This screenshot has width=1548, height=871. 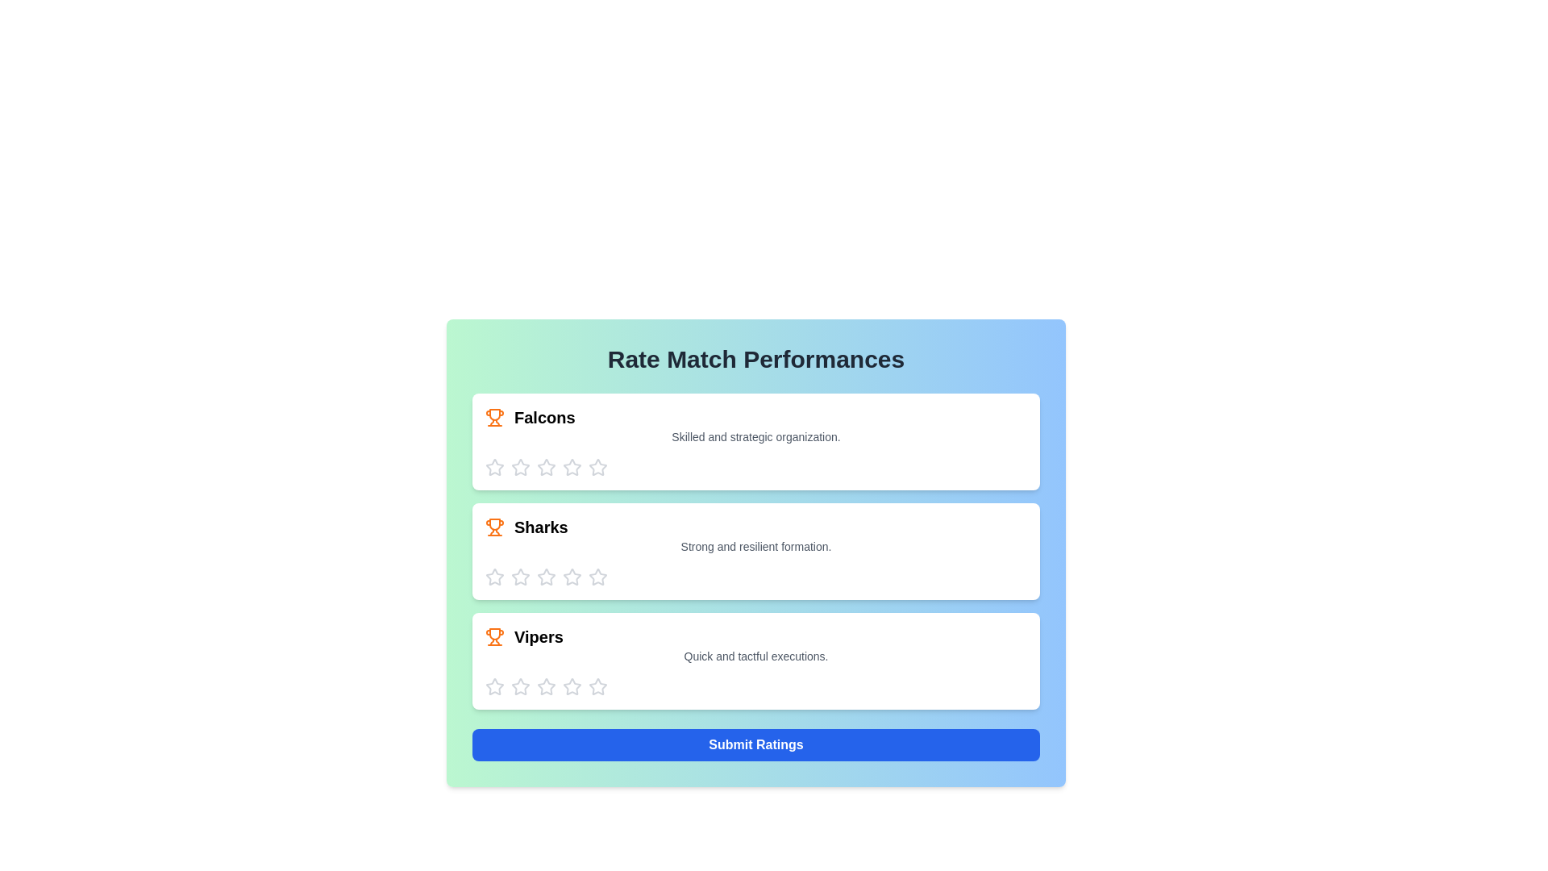 What do you see at coordinates (546, 577) in the screenshot?
I see `the Sharks team's 3 star to set the rating` at bounding box center [546, 577].